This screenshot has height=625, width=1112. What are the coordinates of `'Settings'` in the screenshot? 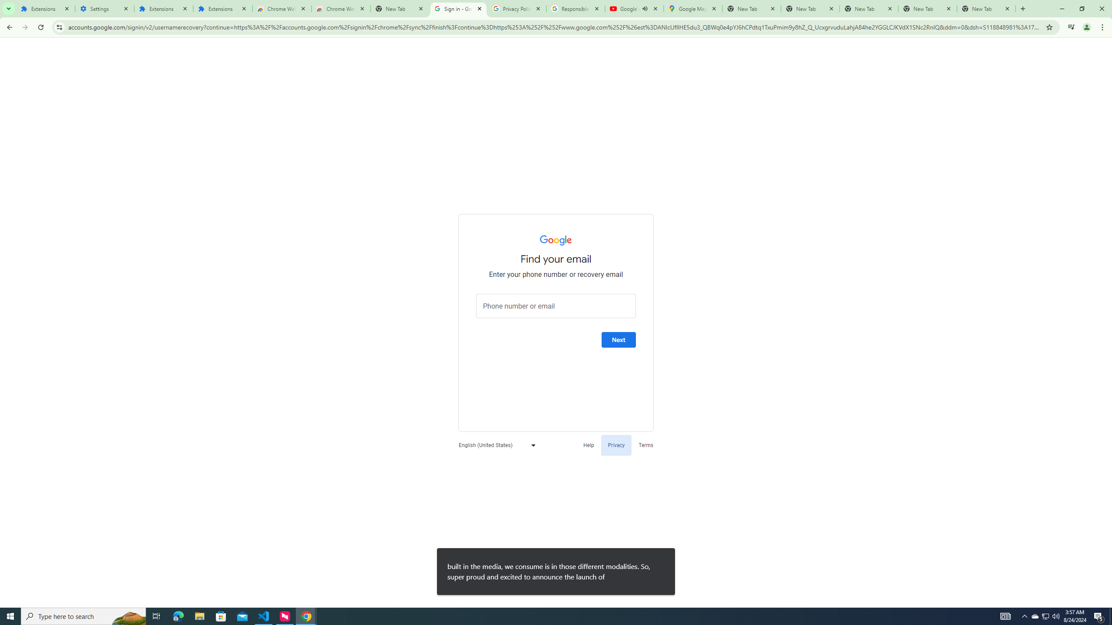 It's located at (104, 8).